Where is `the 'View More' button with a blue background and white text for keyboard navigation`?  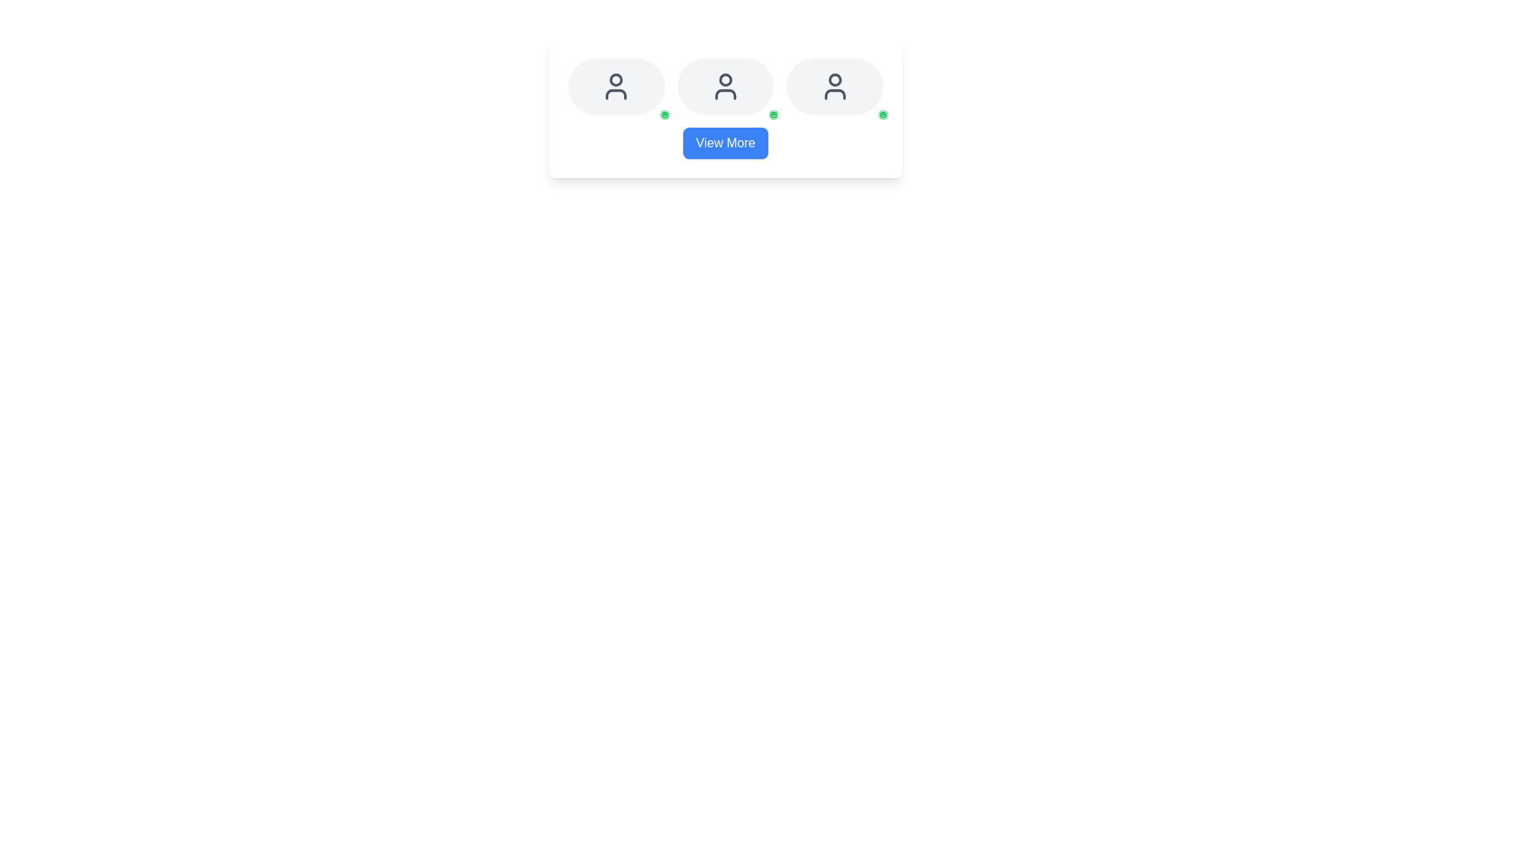
the 'View More' button with a blue background and white text for keyboard navigation is located at coordinates (725, 143).